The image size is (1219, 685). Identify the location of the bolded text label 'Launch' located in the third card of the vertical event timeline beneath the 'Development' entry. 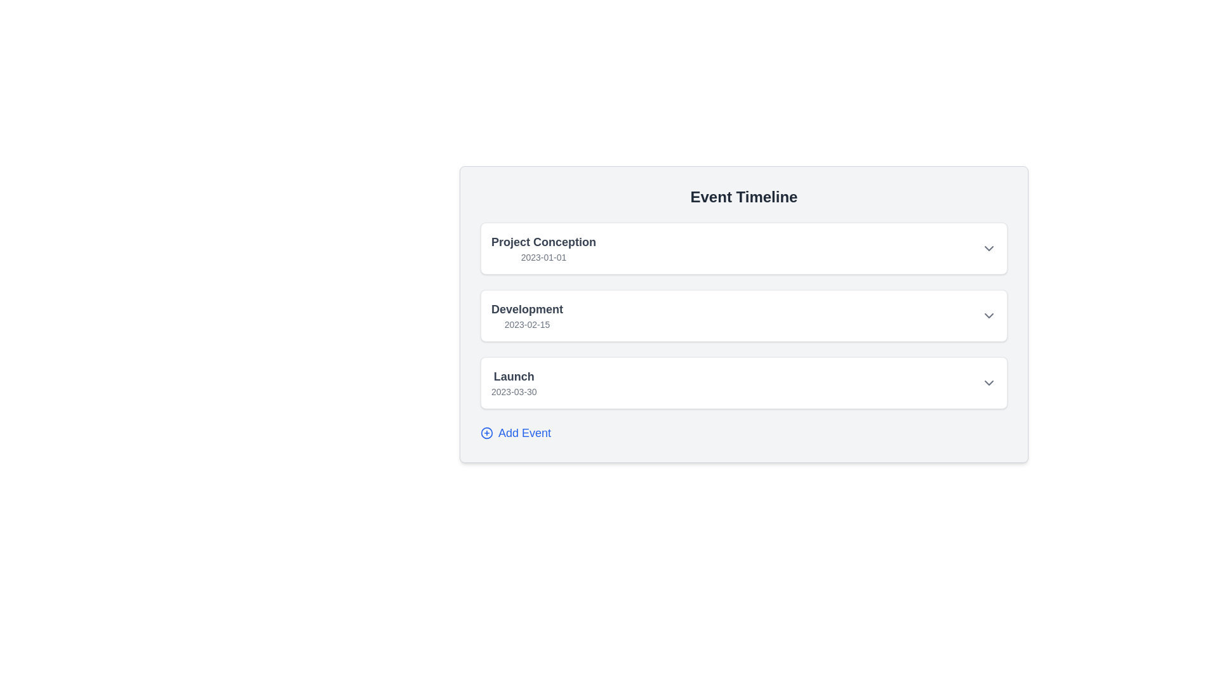
(514, 376).